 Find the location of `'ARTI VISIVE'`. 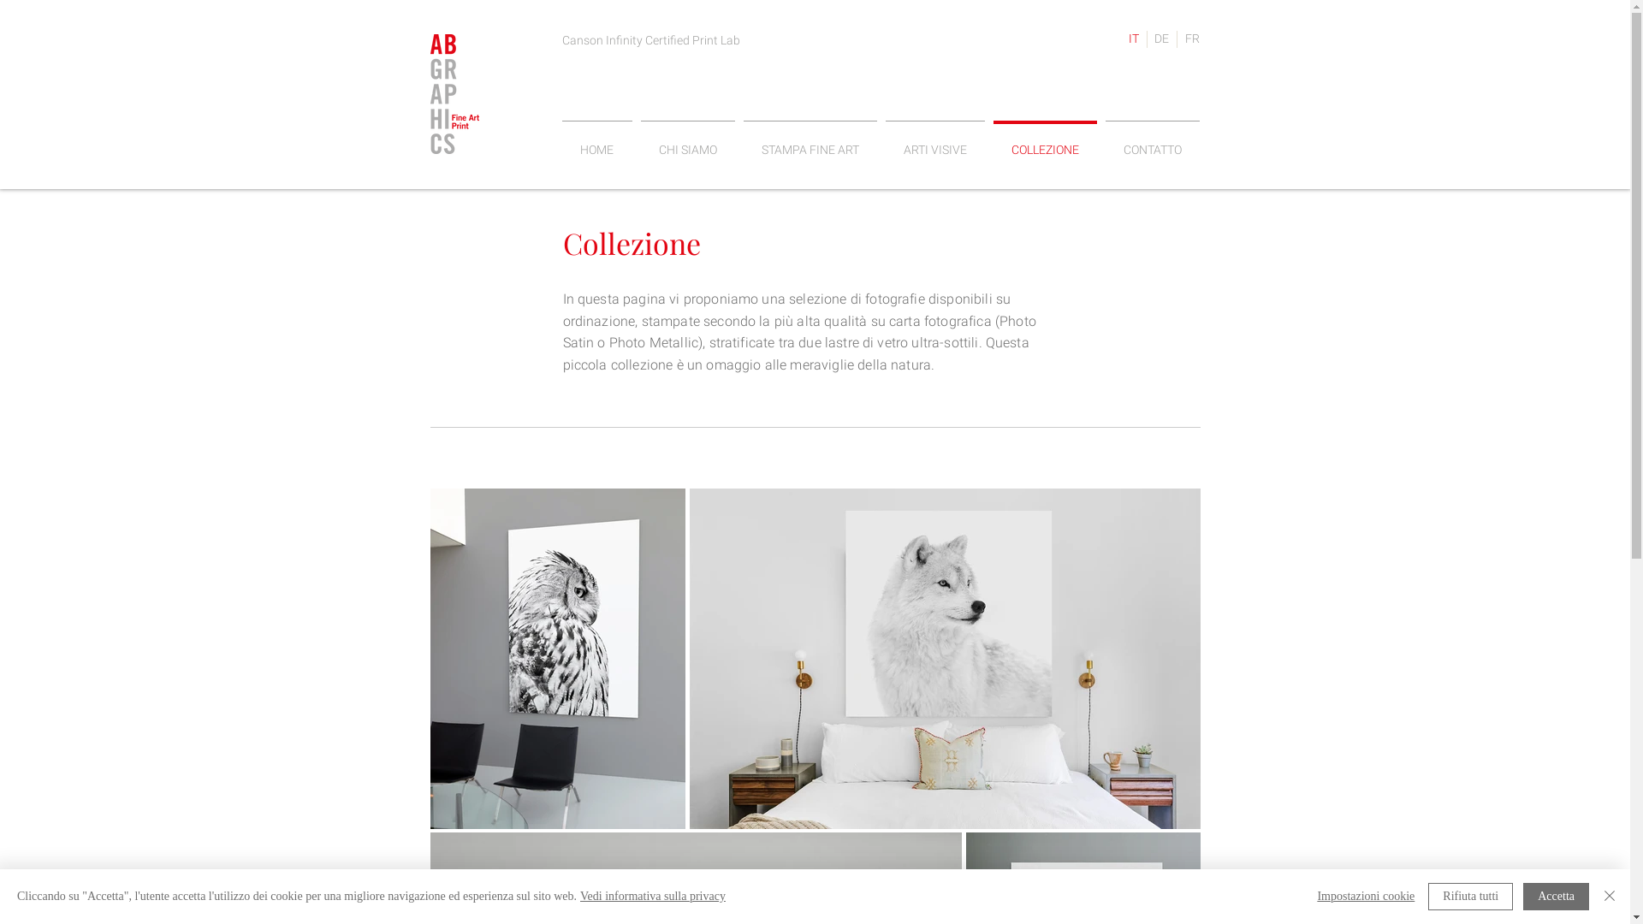

'ARTI VISIVE' is located at coordinates (934, 140).